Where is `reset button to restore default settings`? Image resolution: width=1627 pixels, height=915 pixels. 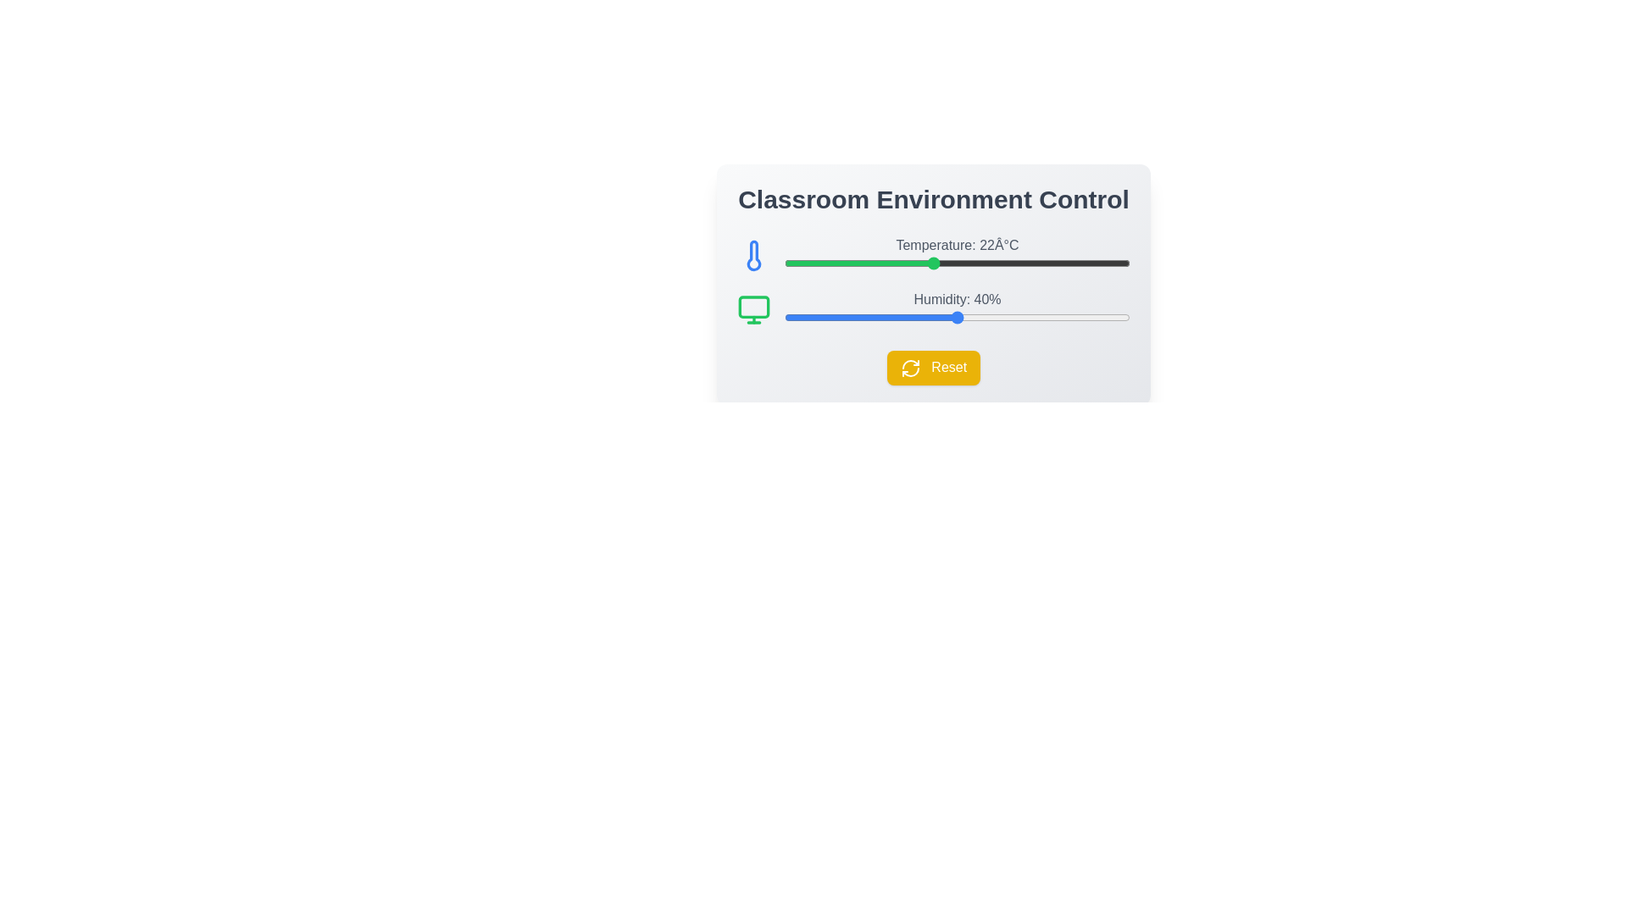 reset button to restore default settings is located at coordinates (933, 367).